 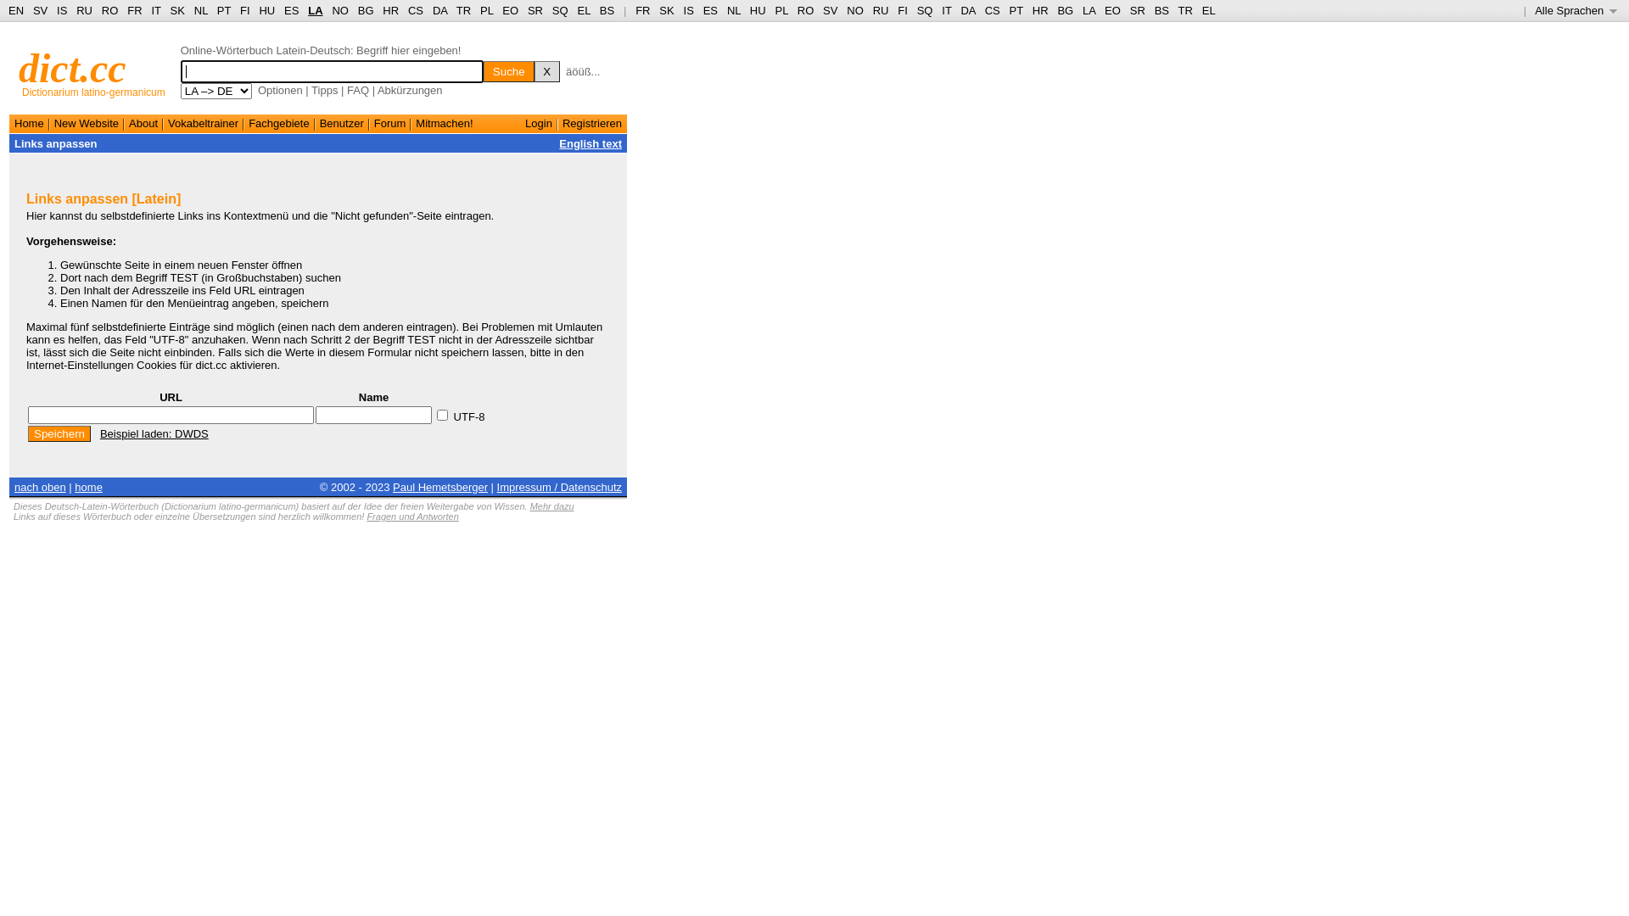 I want to click on 'FR', so click(x=641, y=10).